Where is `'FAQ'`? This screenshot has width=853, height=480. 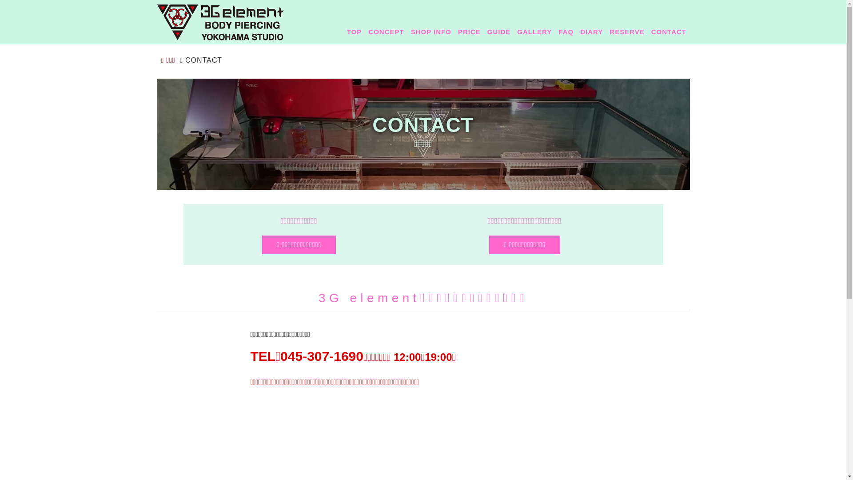 'FAQ' is located at coordinates (566, 31).